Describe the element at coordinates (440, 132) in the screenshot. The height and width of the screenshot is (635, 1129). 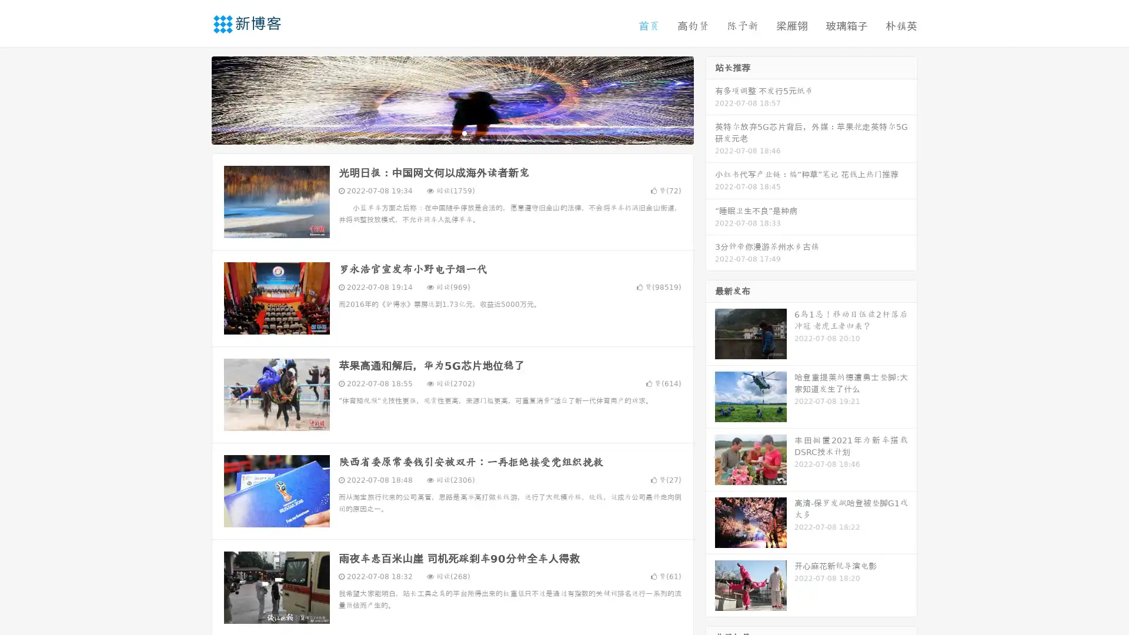
I see `Go to slide 1` at that location.